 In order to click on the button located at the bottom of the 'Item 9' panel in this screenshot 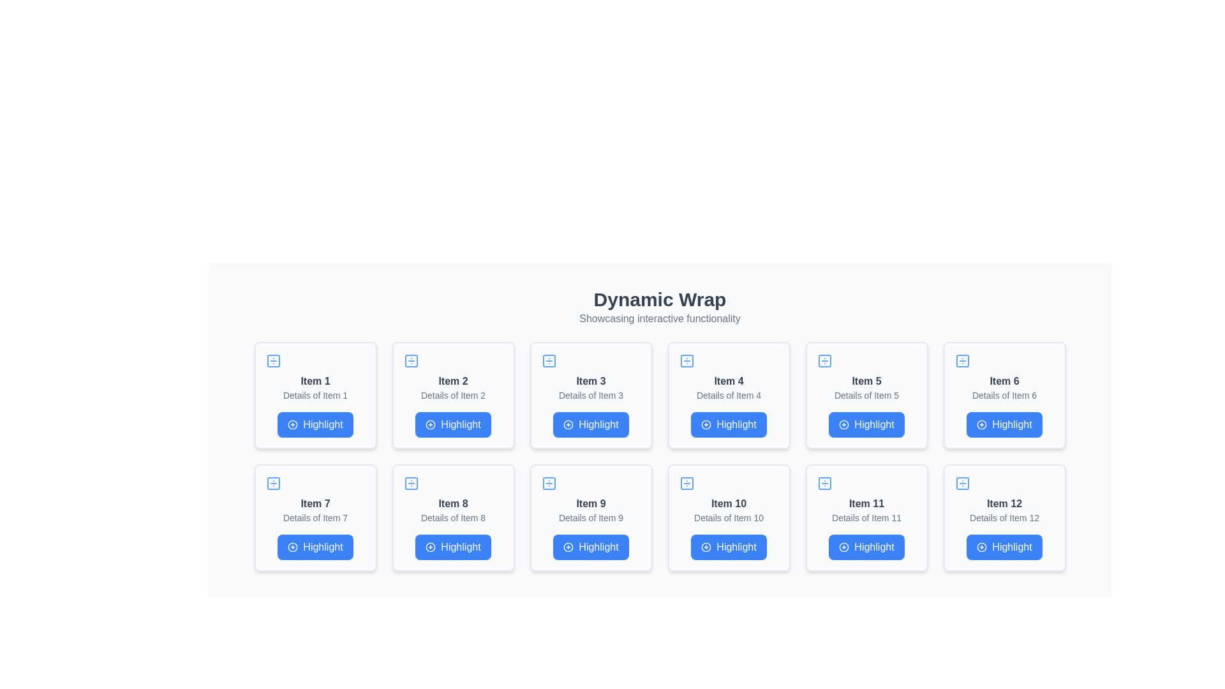, I will do `click(590, 546)`.